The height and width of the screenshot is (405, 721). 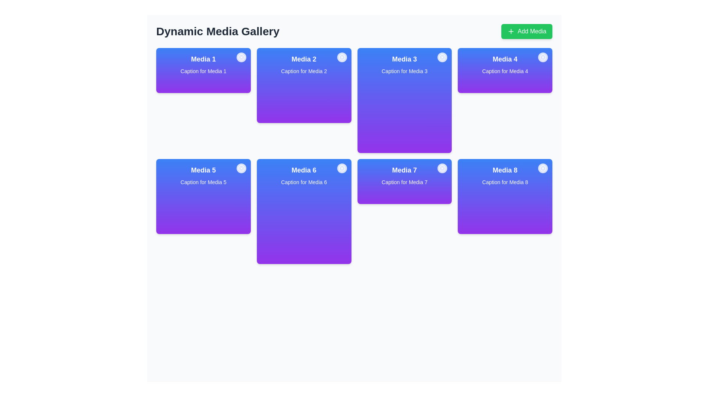 I want to click on the text label displaying 'Media 6', which is styled with a bold and slightly larger font, located at the top of the card with a gradient background, so click(x=304, y=170).